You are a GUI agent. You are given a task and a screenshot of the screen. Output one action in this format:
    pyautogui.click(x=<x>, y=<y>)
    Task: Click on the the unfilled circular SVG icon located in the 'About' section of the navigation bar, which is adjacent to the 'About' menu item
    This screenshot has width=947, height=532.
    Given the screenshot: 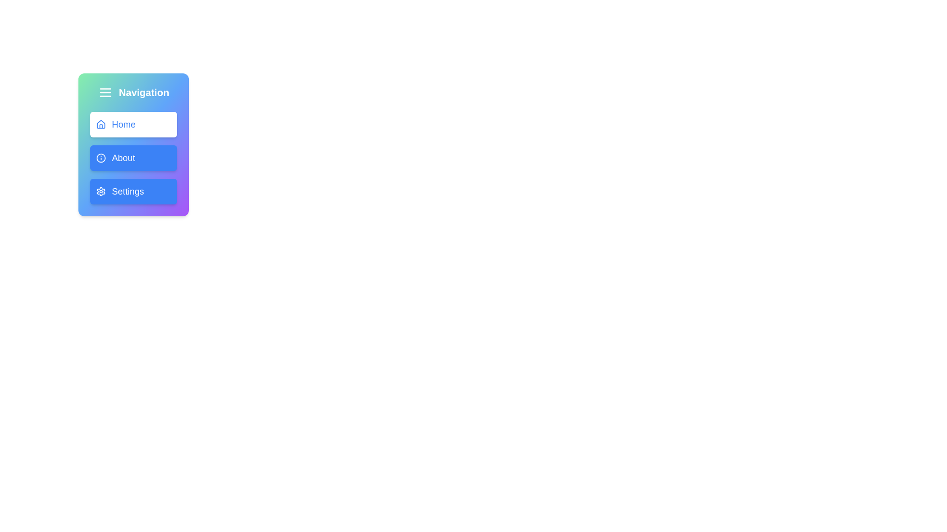 What is the action you would take?
    pyautogui.click(x=101, y=157)
    